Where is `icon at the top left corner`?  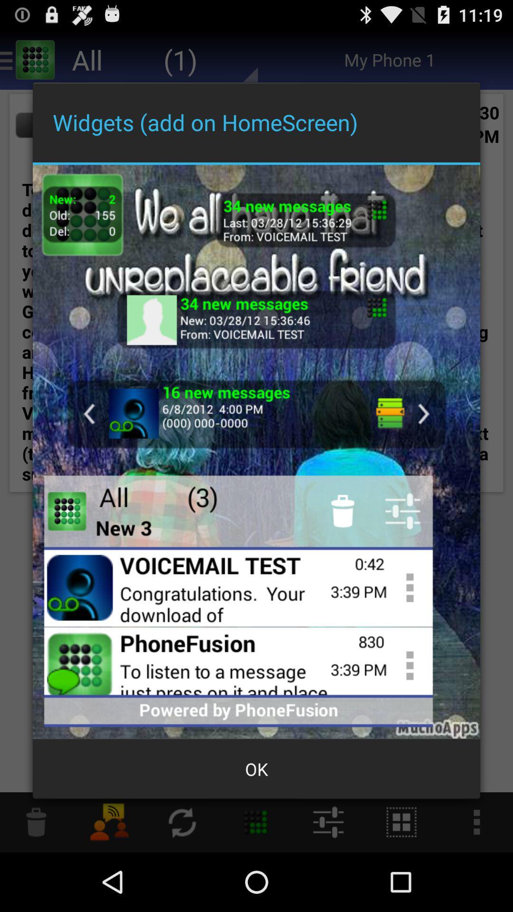 icon at the top left corner is located at coordinates (82, 214).